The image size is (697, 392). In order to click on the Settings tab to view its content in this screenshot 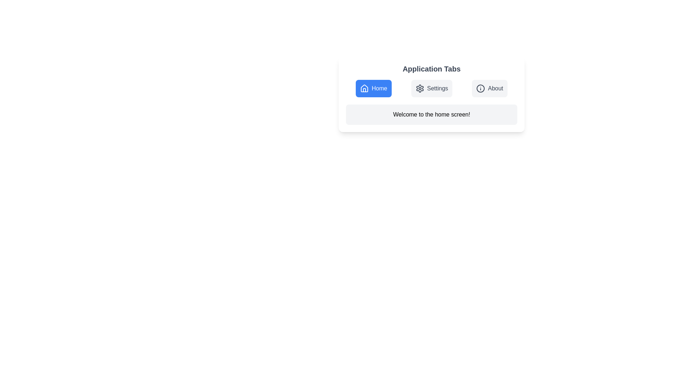, I will do `click(432, 88)`.